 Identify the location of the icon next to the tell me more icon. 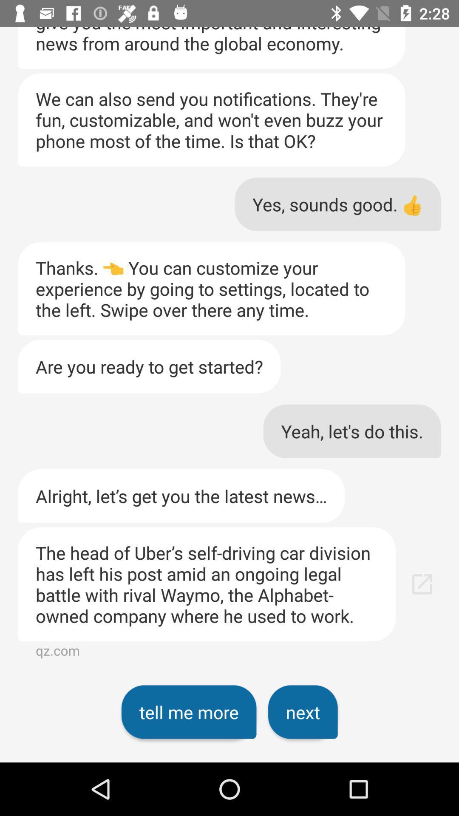
(302, 712).